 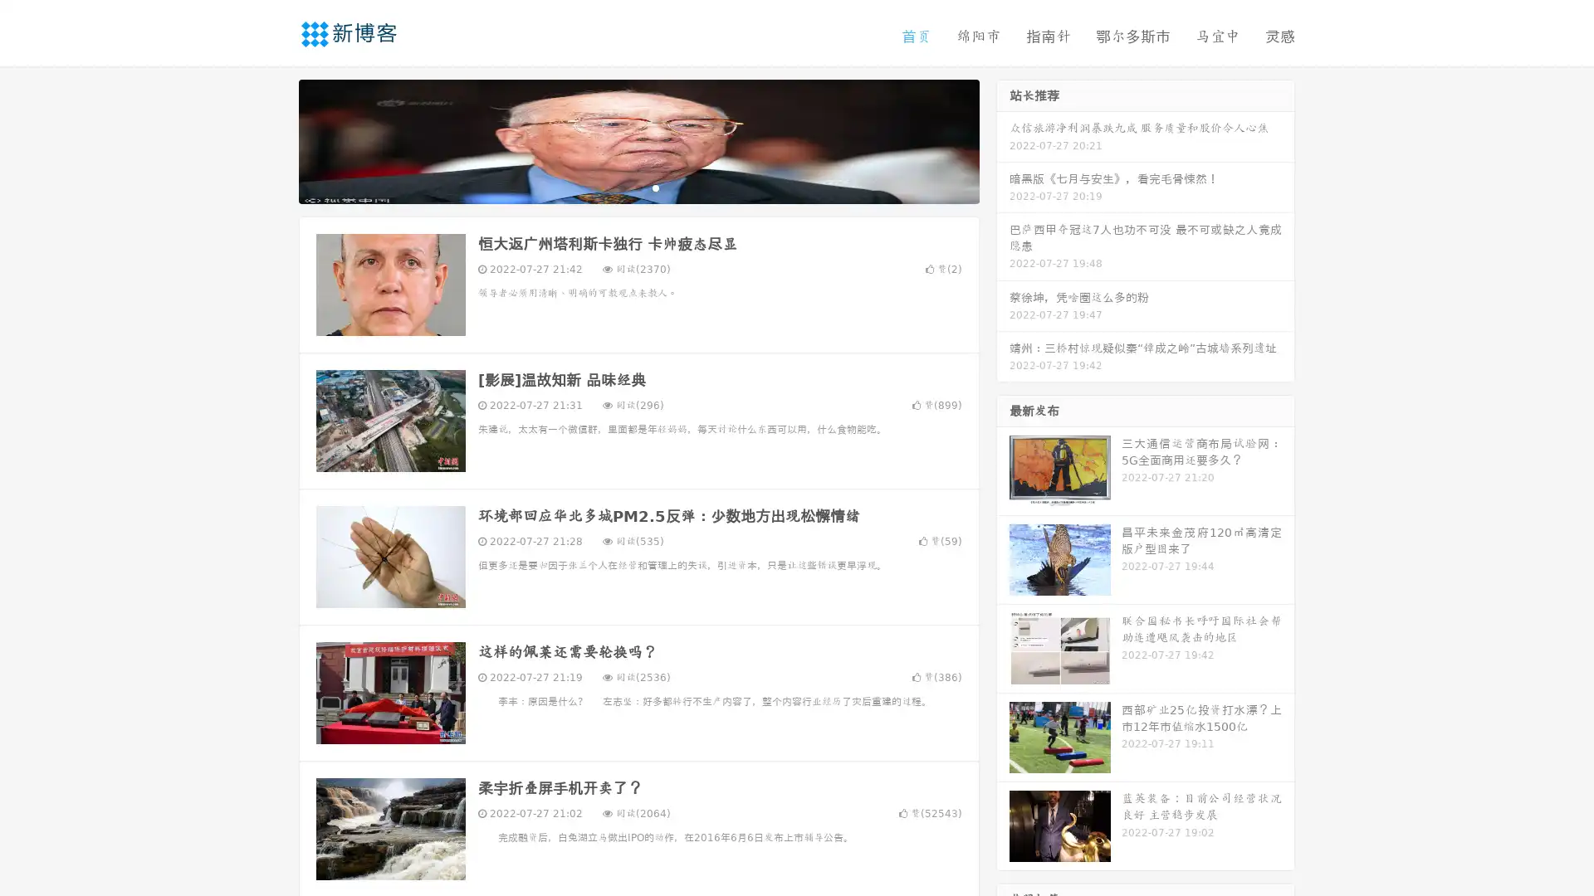 I want to click on Go to slide 1, so click(x=621, y=187).